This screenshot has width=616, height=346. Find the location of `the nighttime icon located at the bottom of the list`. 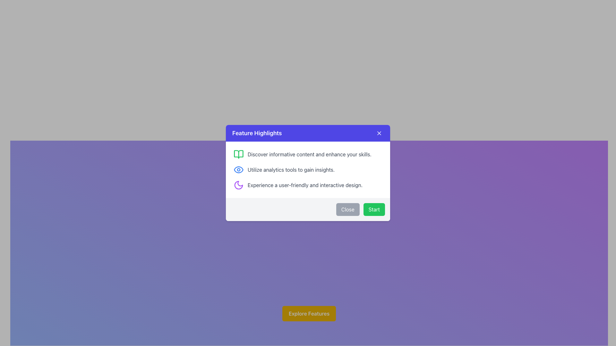

the nighttime icon located at the bottom of the list is located at coordinates (238, 185).